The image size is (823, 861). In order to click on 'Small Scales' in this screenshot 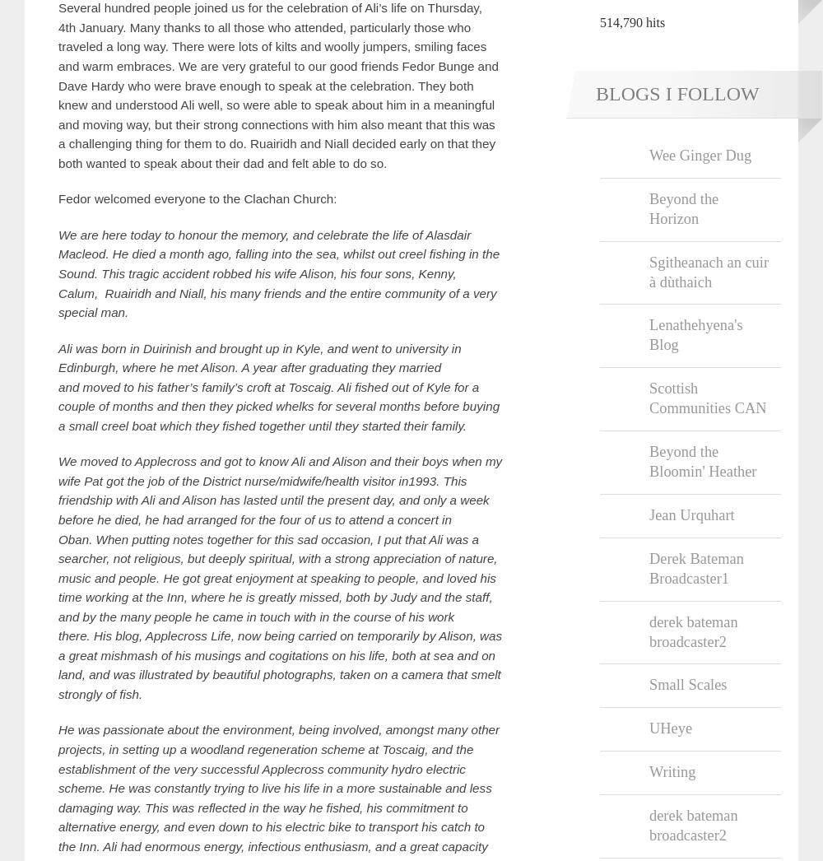, I will do `click(687, 684)`.